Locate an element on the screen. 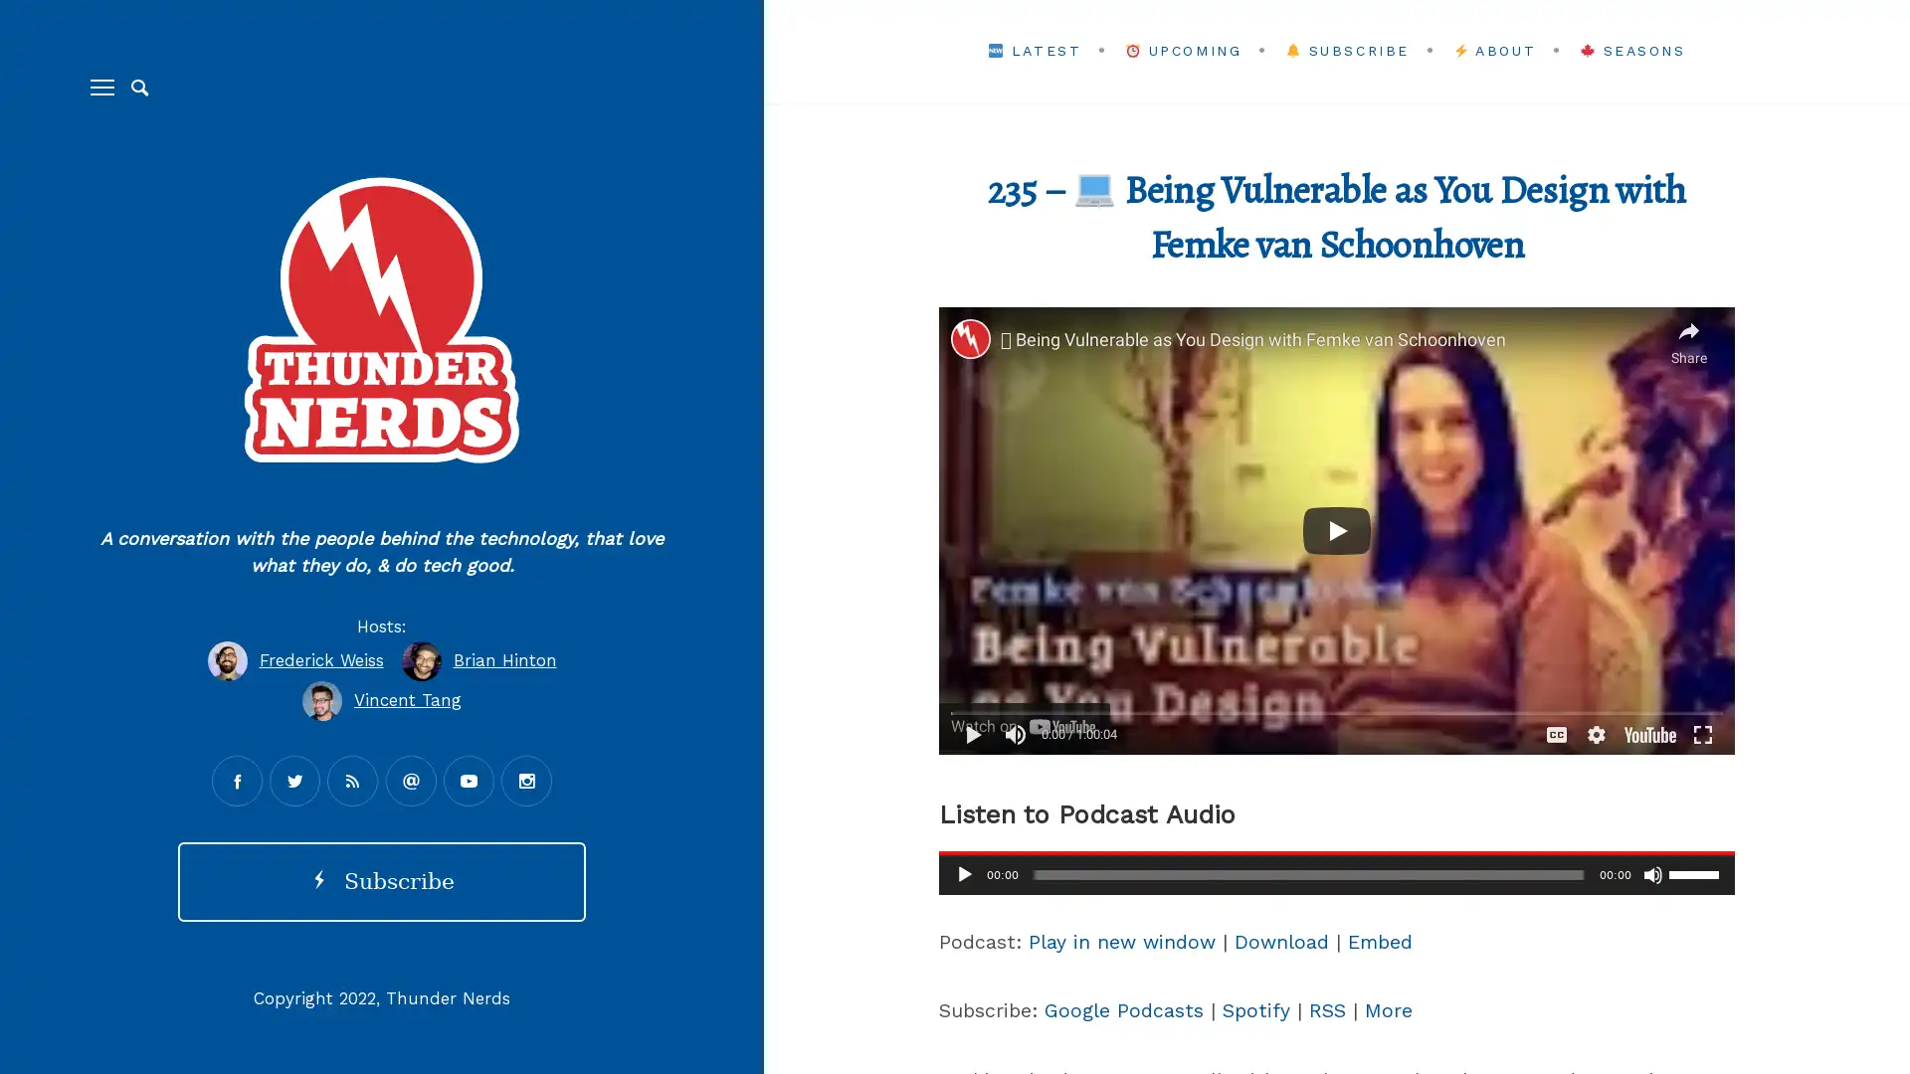 The height and width of the screenshot is (1074, 1910). Play is located at coordinates (964, 873).